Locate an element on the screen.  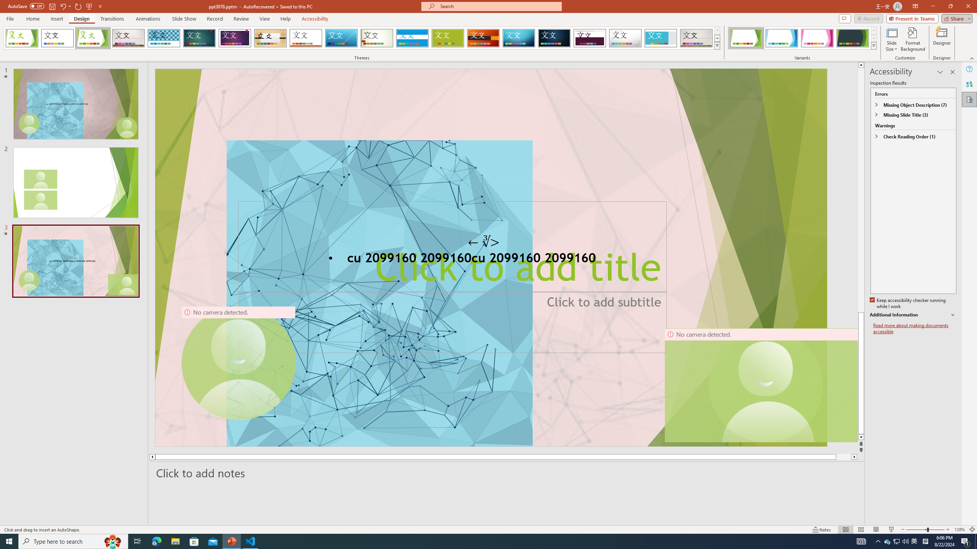
'Retrospect' is located at coordinates (305, 38).